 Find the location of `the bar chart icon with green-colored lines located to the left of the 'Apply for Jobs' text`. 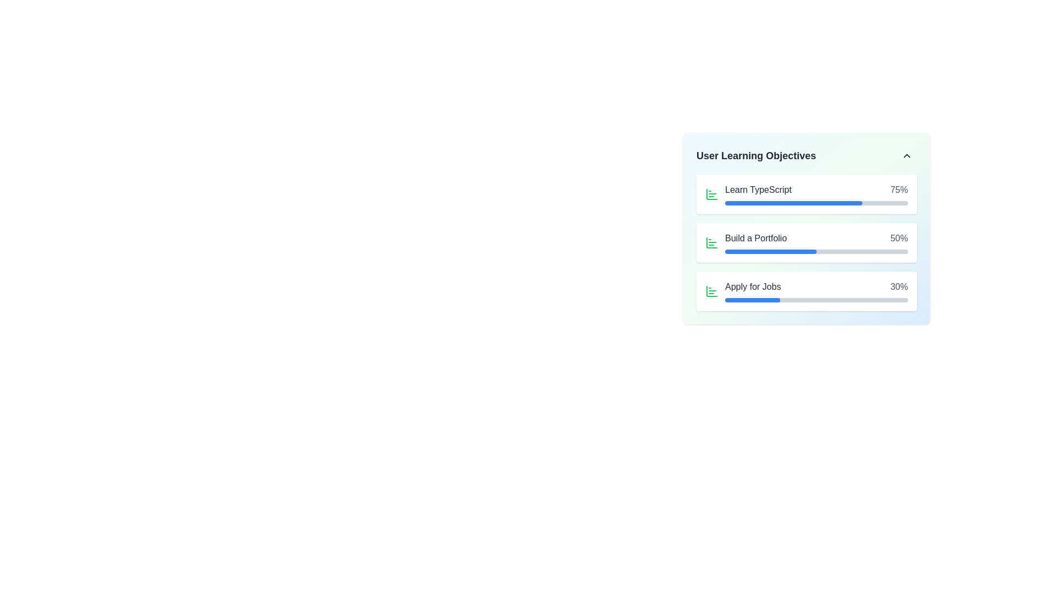

the bar chart icon with green-colored lines located to the left of the 'Apply for Jobs' text is located at coordinates (711, 290).